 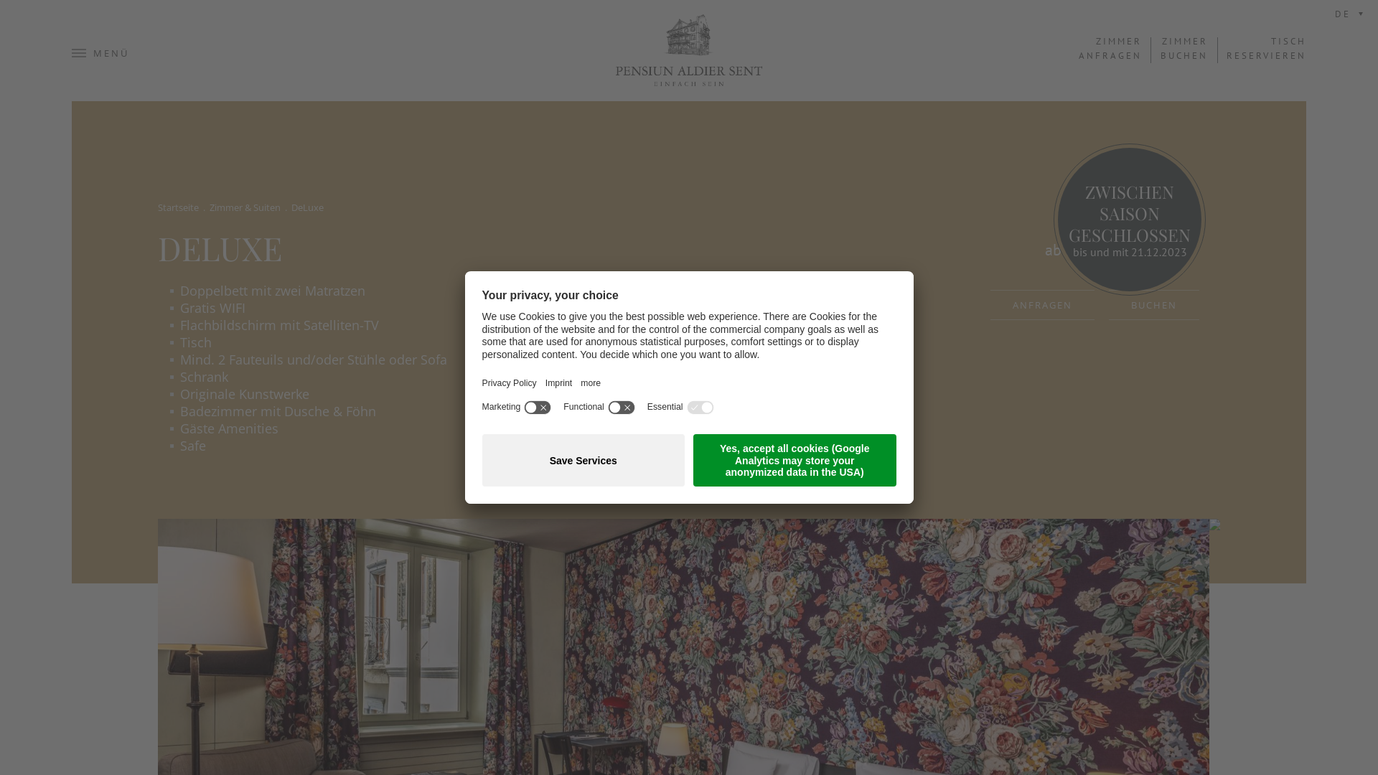 What do you see at coordinates (1350, 14) in the screenshot?
I see `'DE'` at bounding box center [1350, 14].